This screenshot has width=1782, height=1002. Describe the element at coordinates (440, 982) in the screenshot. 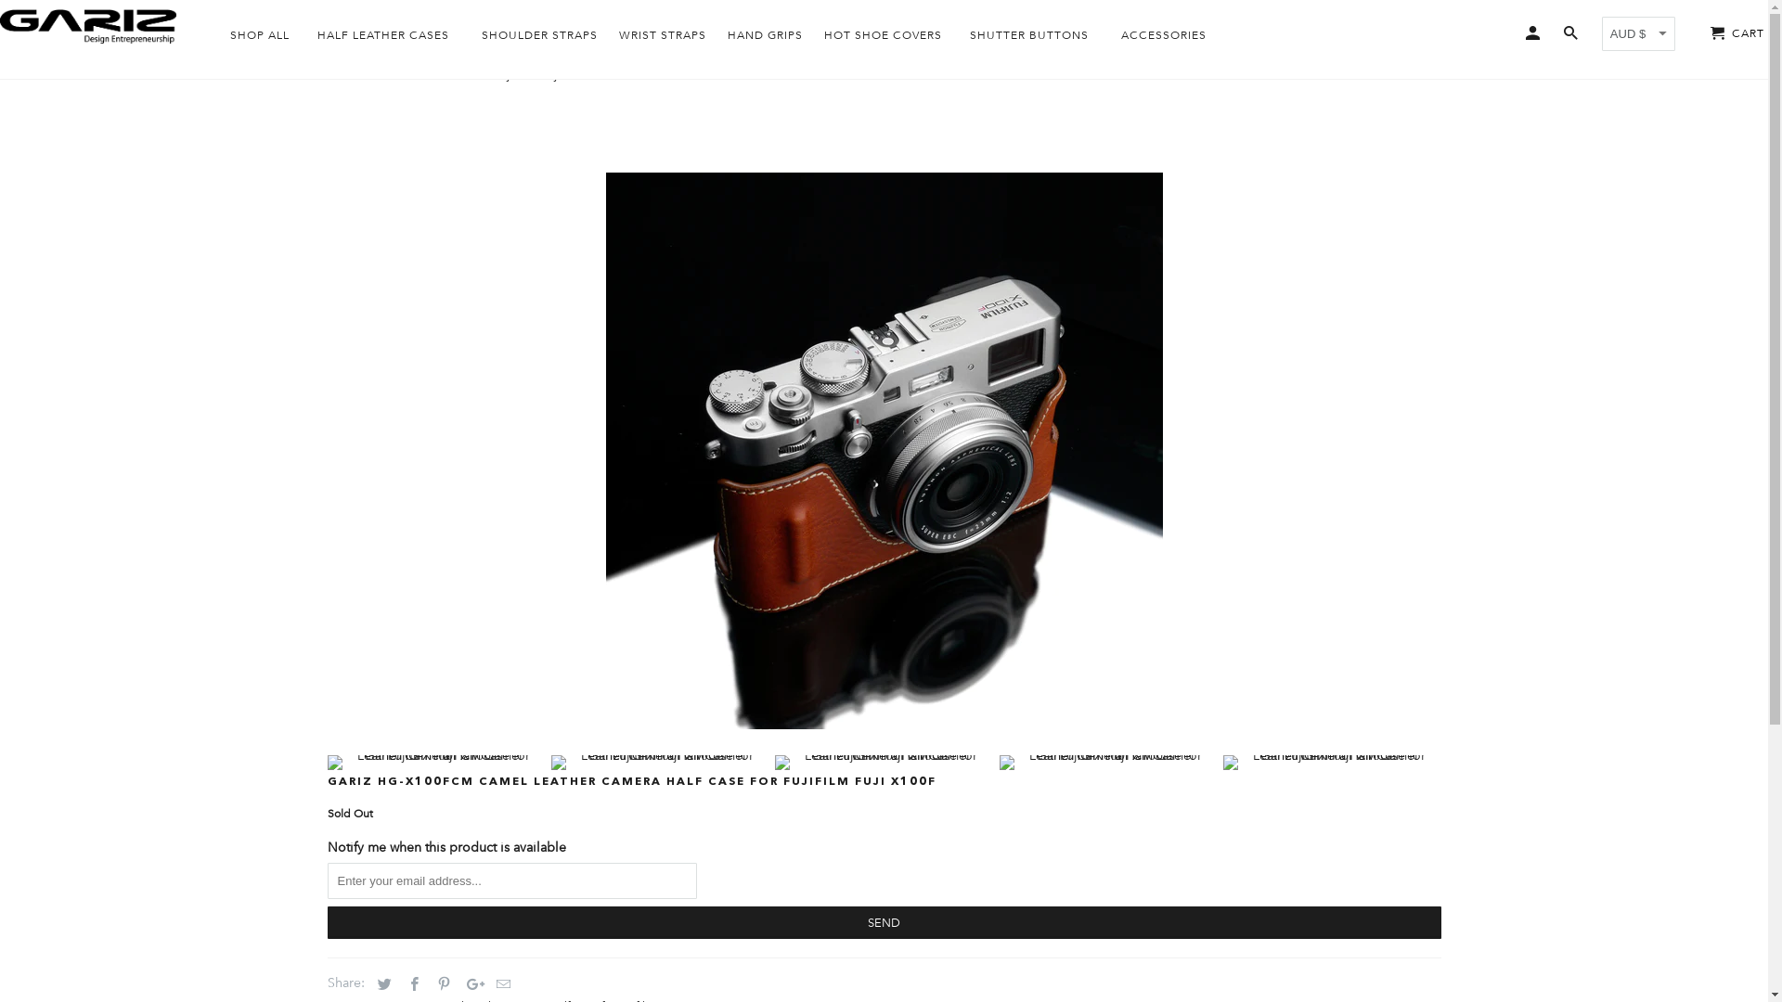

I see `'Share this on Pinterest'` at that location.